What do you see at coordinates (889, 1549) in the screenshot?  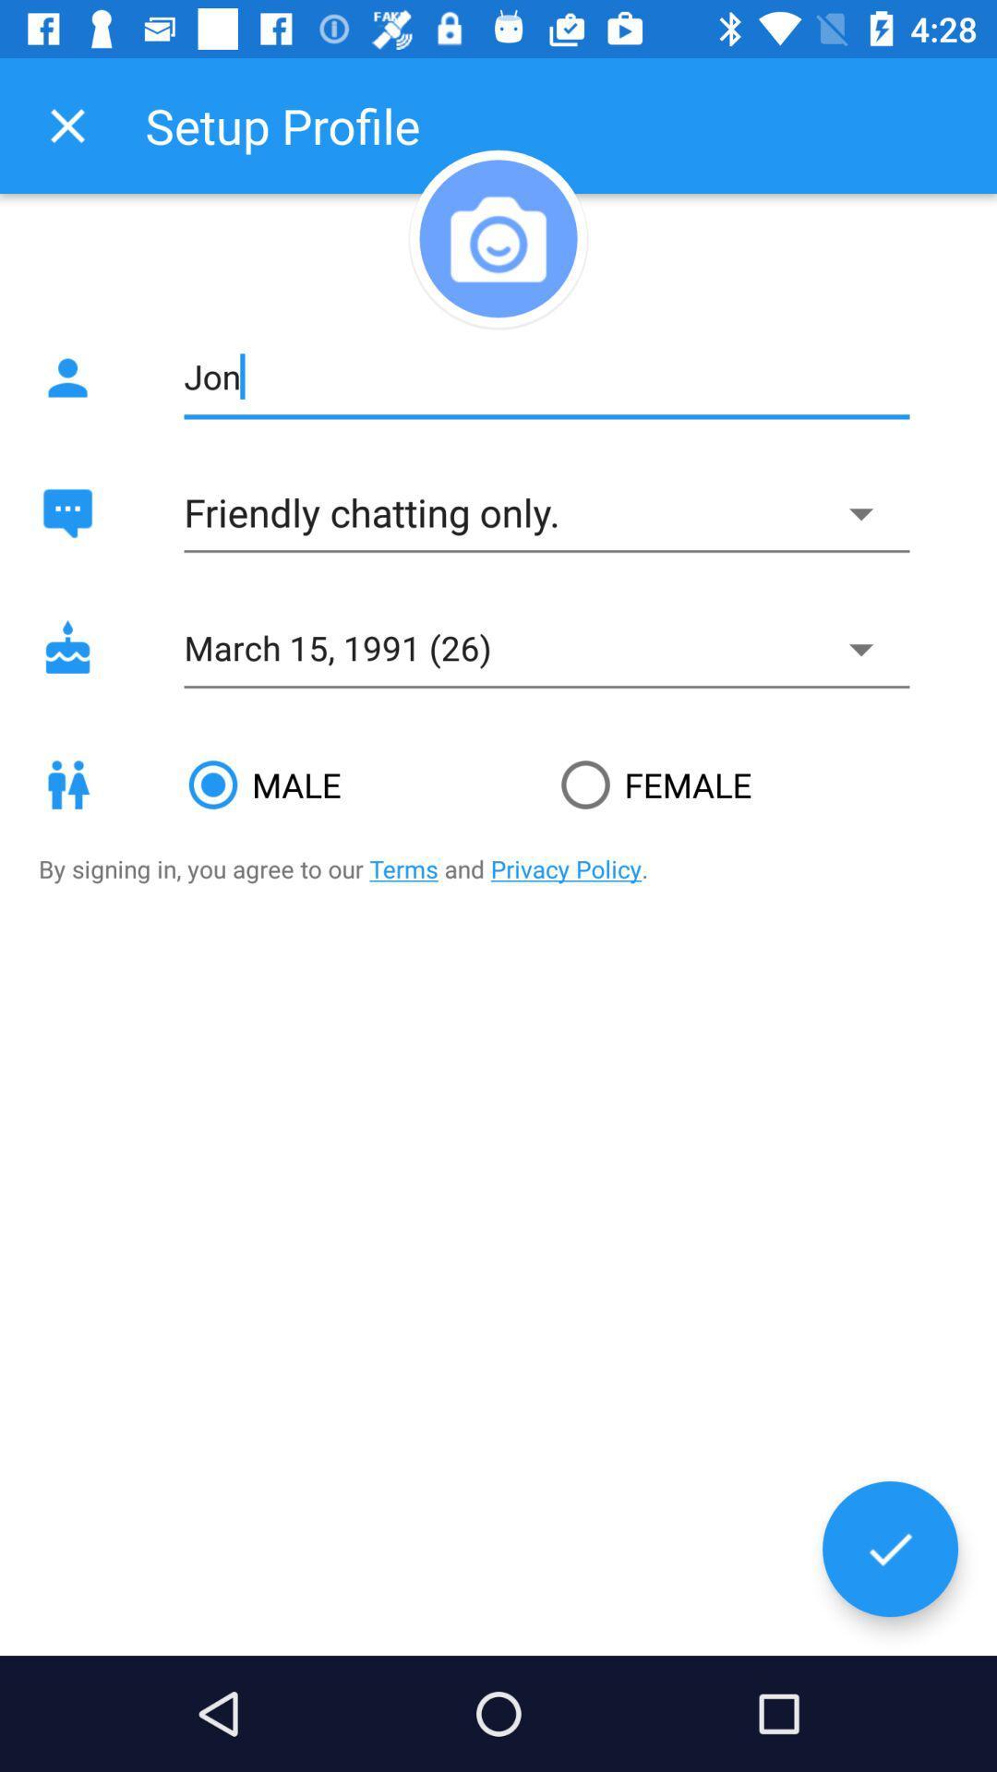 I see `go forward` at bounding box center [889, 1549].